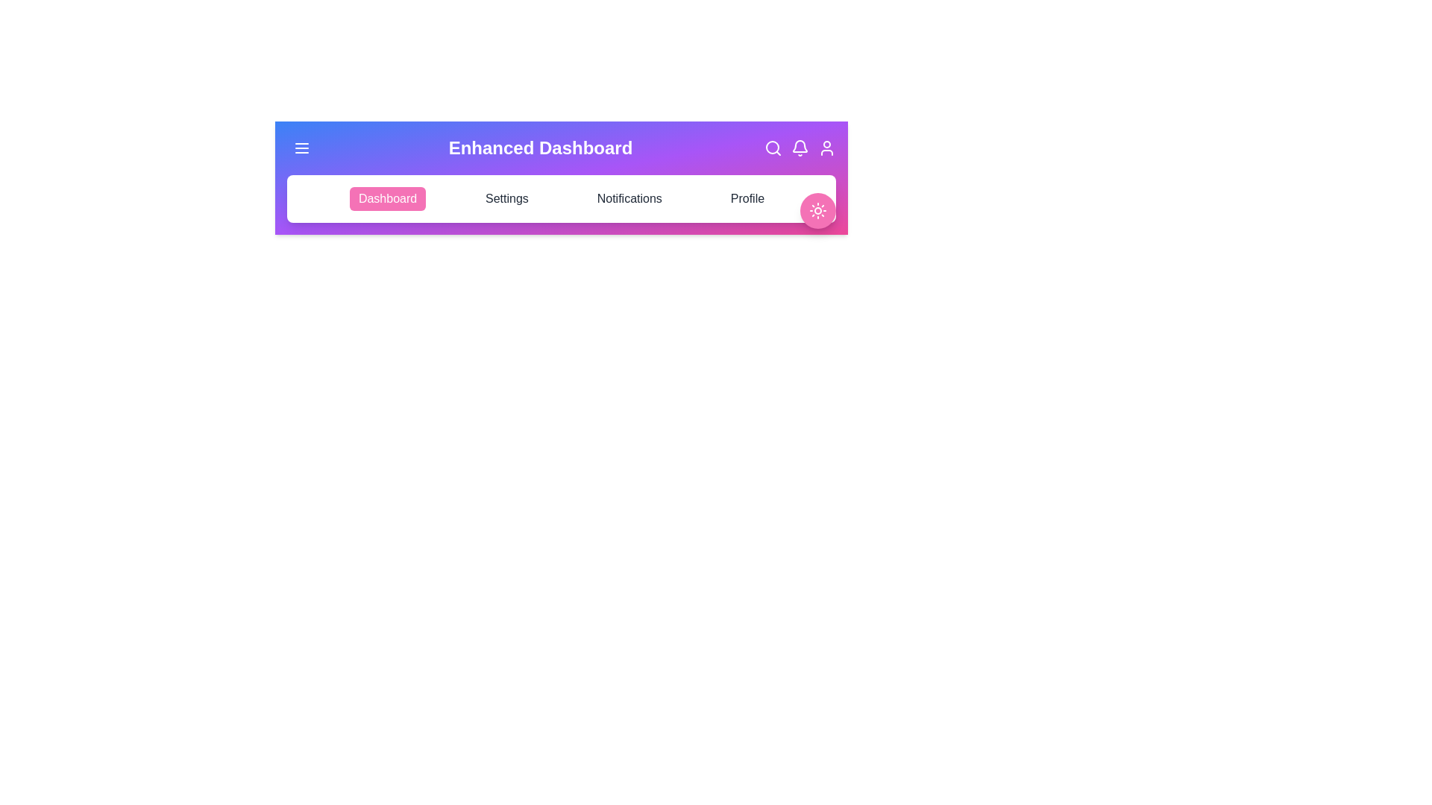 Image resolution: width=1432 pixels, height=805 pixels. Describe the element at coordinates (826, 148) in the screenshot. I see `the profile icon in the top-right corner of the app bar` at that location.